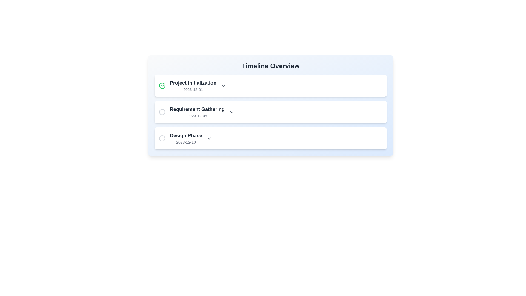 Image resolution: width=526 pixels, height=296 pixels. What do you see at coordinates (271, 112) in the screenshot?
I see `the list item titled 'Requirement Gathering'` at bounding box center [271, 112].